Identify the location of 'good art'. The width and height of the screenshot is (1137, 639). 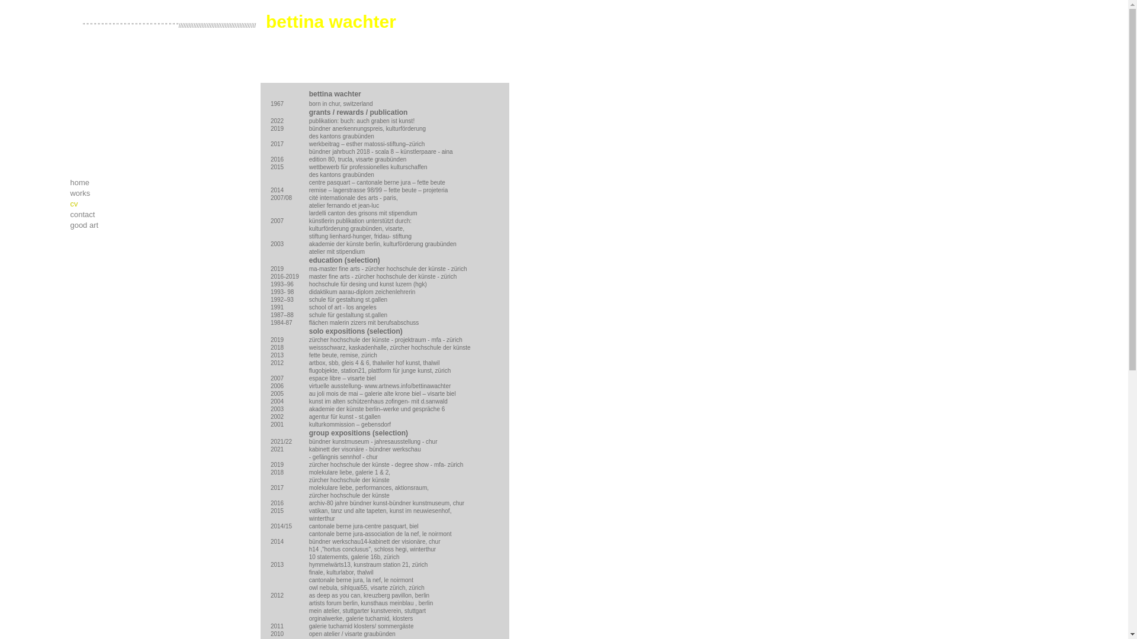
(124, 225).